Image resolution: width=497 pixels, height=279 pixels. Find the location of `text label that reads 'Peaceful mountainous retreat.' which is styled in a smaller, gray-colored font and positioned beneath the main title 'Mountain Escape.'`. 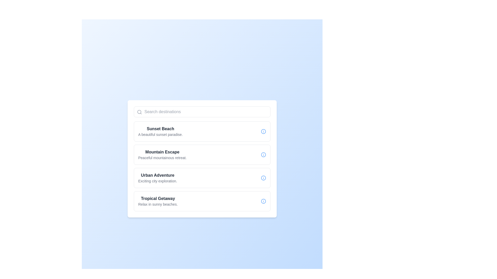

text label that reads 'Peaceful mountainous retreat.' which is styled in a smaller, gray-colored font and positioned beneath the main title 'Mountain Escape.' is located at coordinates (162, 157).